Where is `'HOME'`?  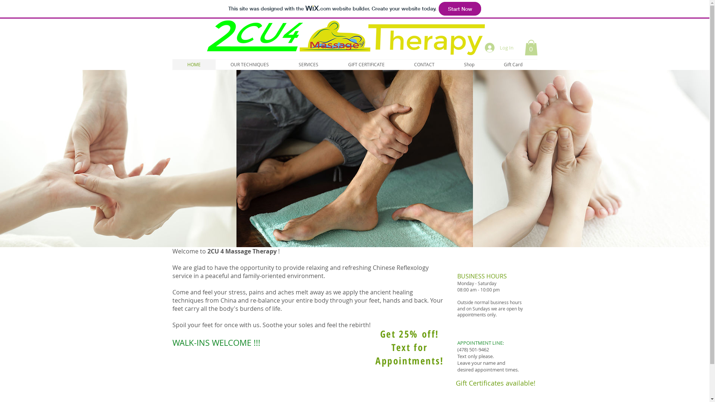 'HOME' is located at coordinates (193, 64).